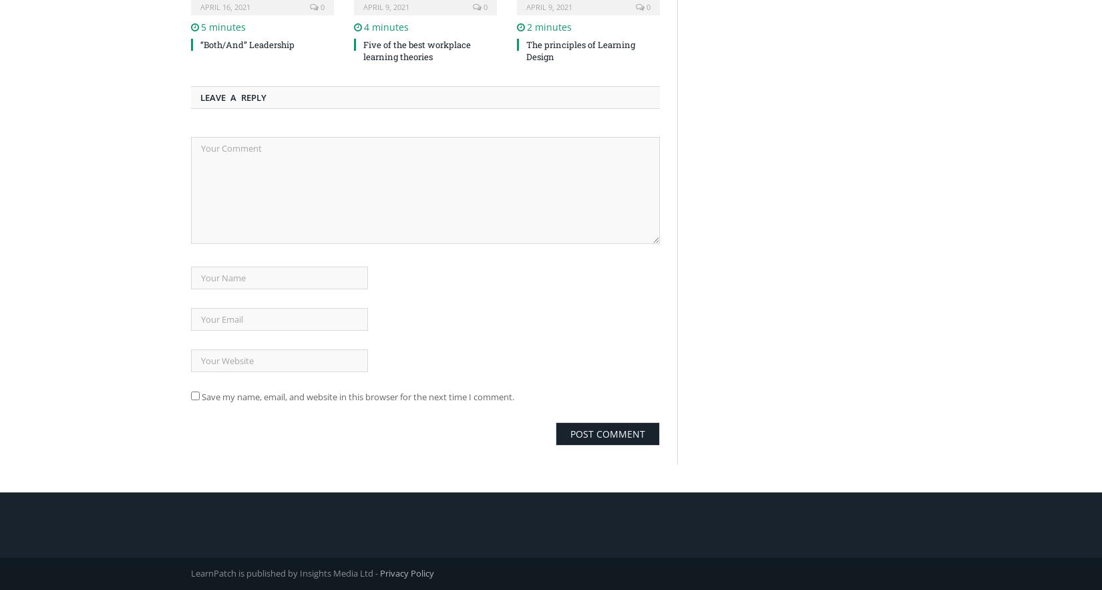 The width and height of the screenshot is (1102, 590). Describe the element at coordinates (247, 43) in the screenshot. I see `'“Both/And” Leadership'` at that location.